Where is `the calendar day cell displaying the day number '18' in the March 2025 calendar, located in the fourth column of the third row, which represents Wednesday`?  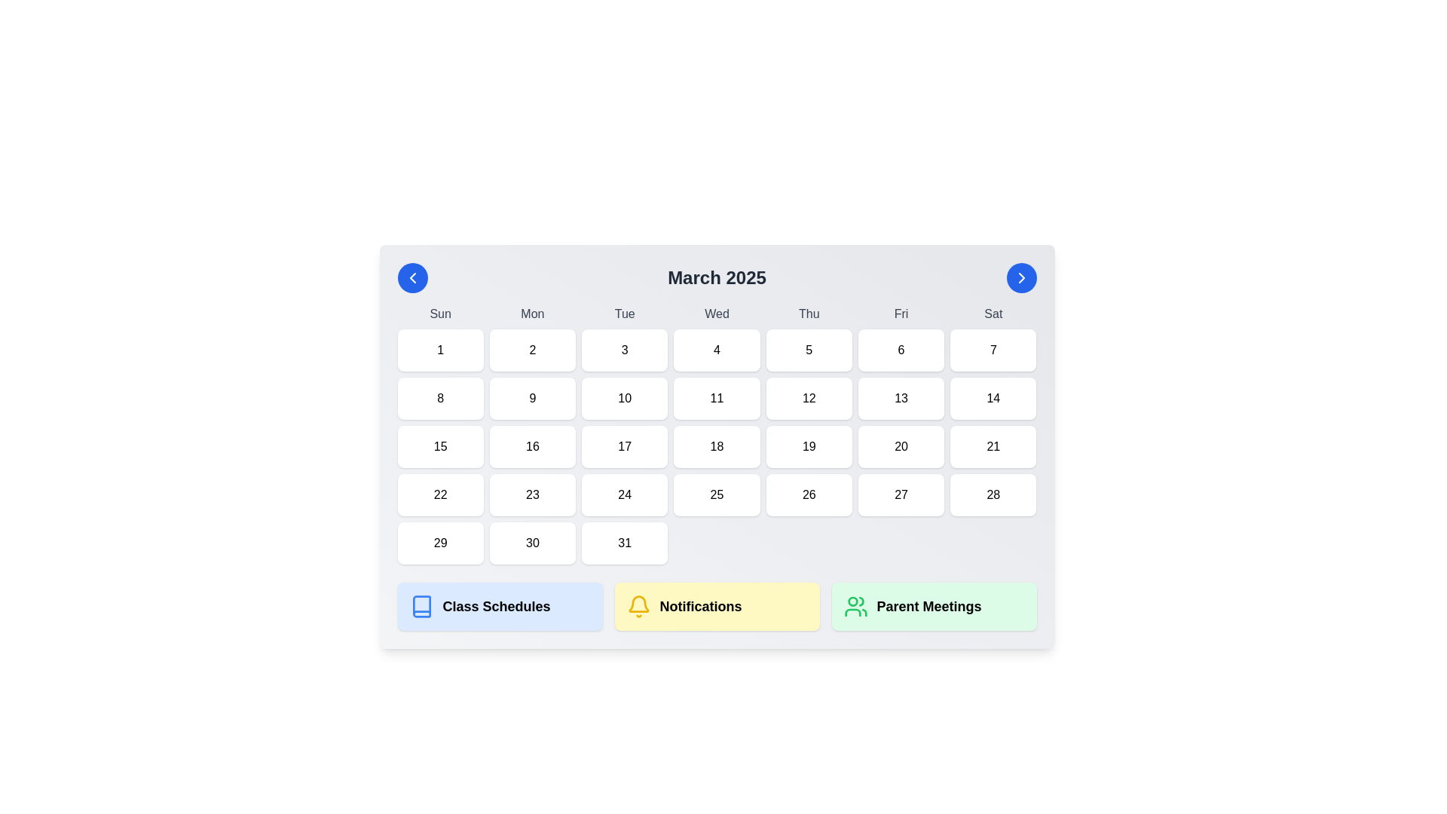
the calendar day cell displaying the day number '18' in the March 2025 calendar, located in the fourth column of the third row, which represents Wednesday is located at coordinates (716, 446).